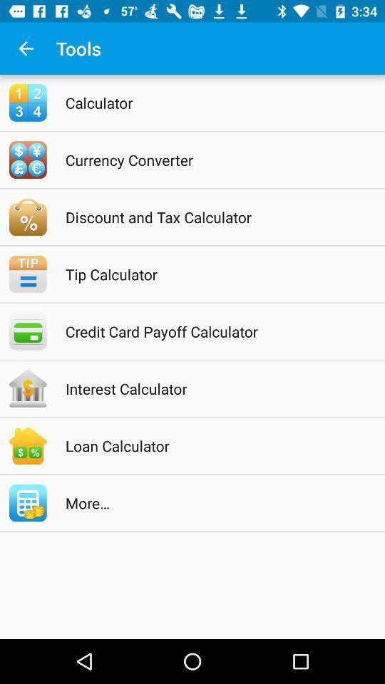 This screenshot has width=385, height=684. I want to click on the icon which is left to the loan calculator, so click(28, 445).